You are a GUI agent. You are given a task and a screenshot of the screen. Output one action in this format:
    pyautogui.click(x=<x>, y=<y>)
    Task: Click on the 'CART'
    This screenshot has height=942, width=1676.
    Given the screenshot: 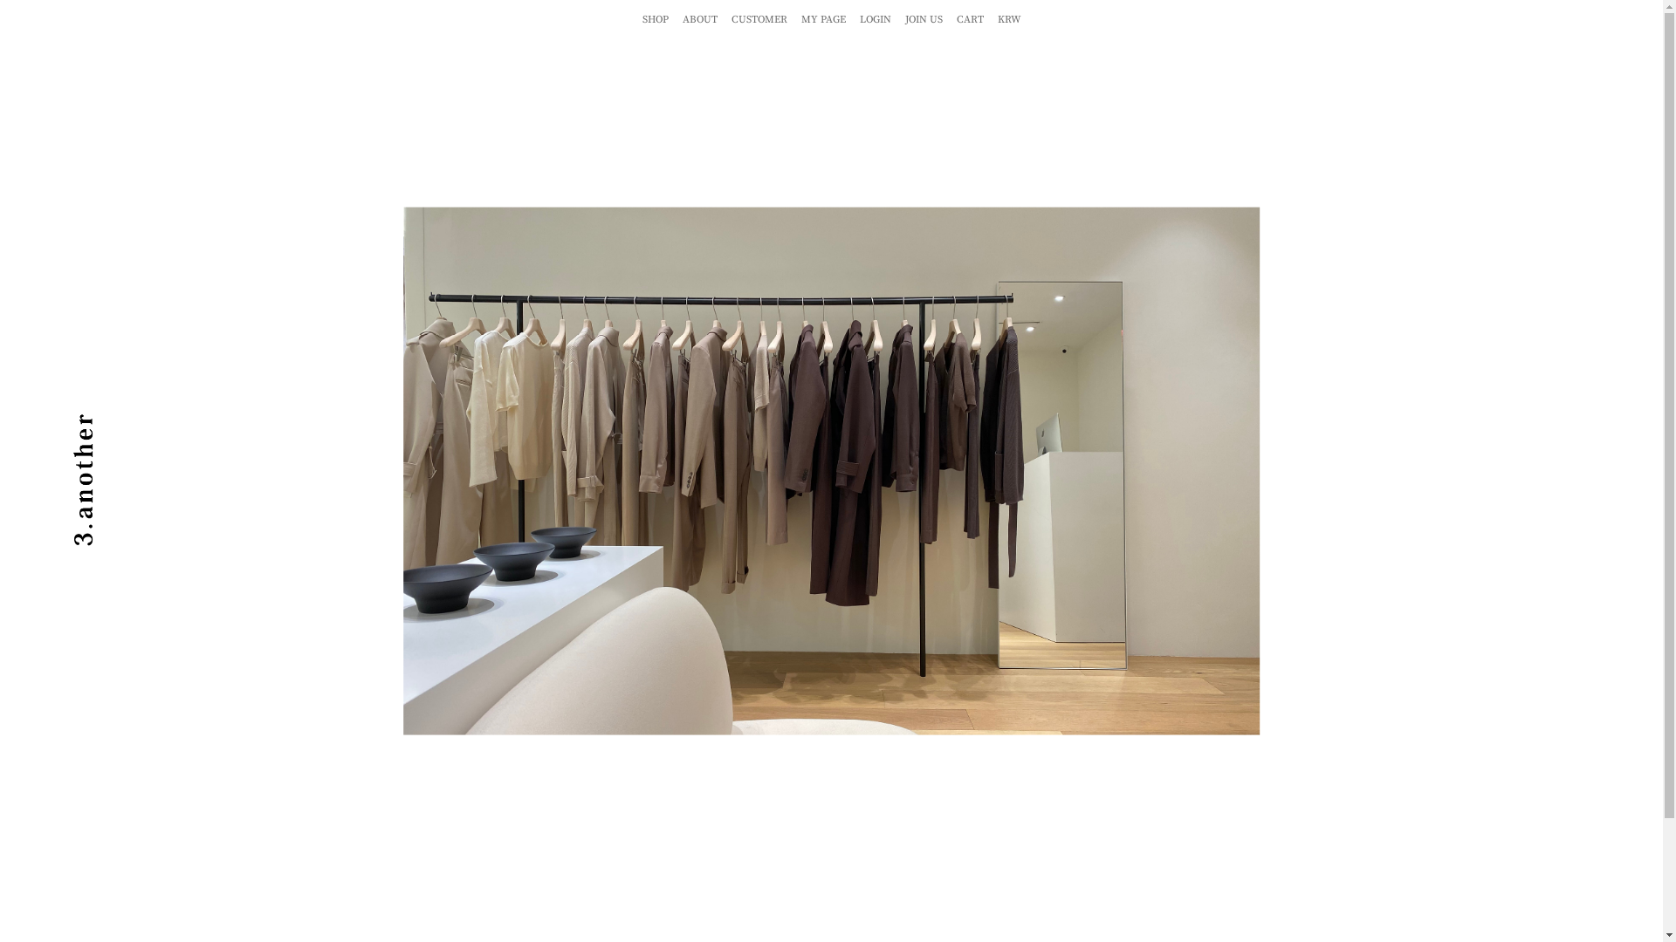 What is the action you would take?
    pyautogui.click(x=969, y=19)
    